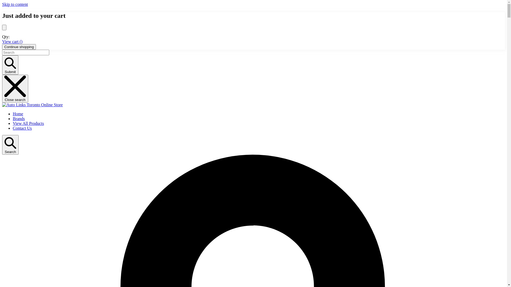 This screenshot has width=511, height=287. What do you see at coordinates (2, 4) in the screenshot?
I see `'Skip to content'` at bounding box center [2, 4].